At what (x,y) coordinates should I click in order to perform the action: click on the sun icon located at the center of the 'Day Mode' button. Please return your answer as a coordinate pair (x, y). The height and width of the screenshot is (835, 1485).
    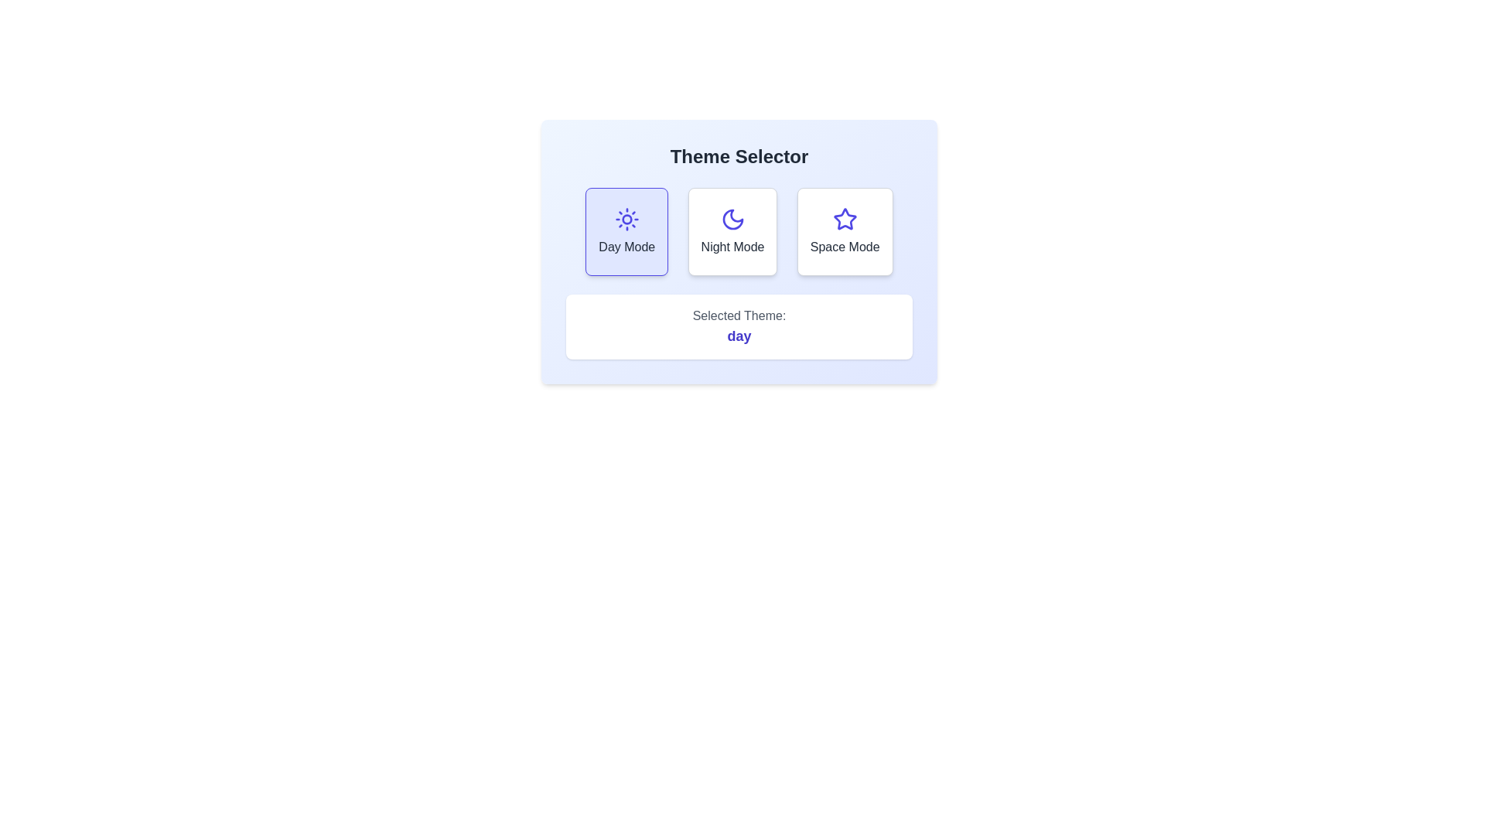
    Looking at the image, I should click on (626, 220).